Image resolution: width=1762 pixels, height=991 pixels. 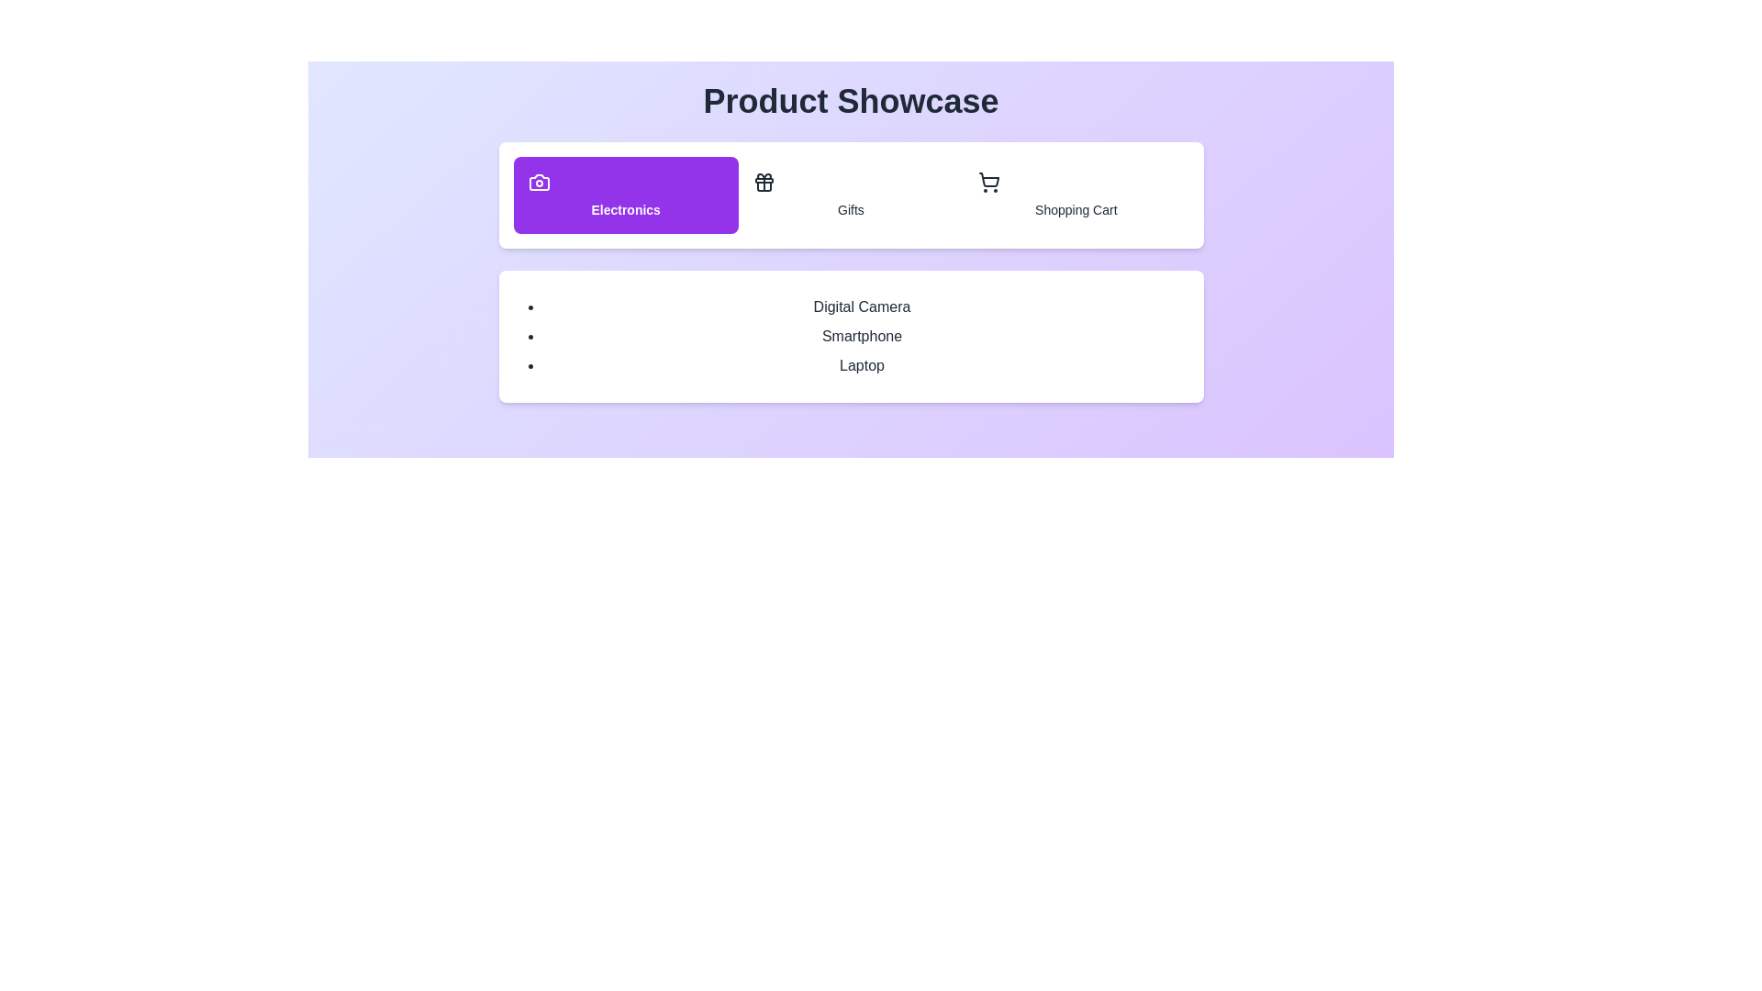 I want to click on the first button in the horizontal row, so click(x=626, y=195).